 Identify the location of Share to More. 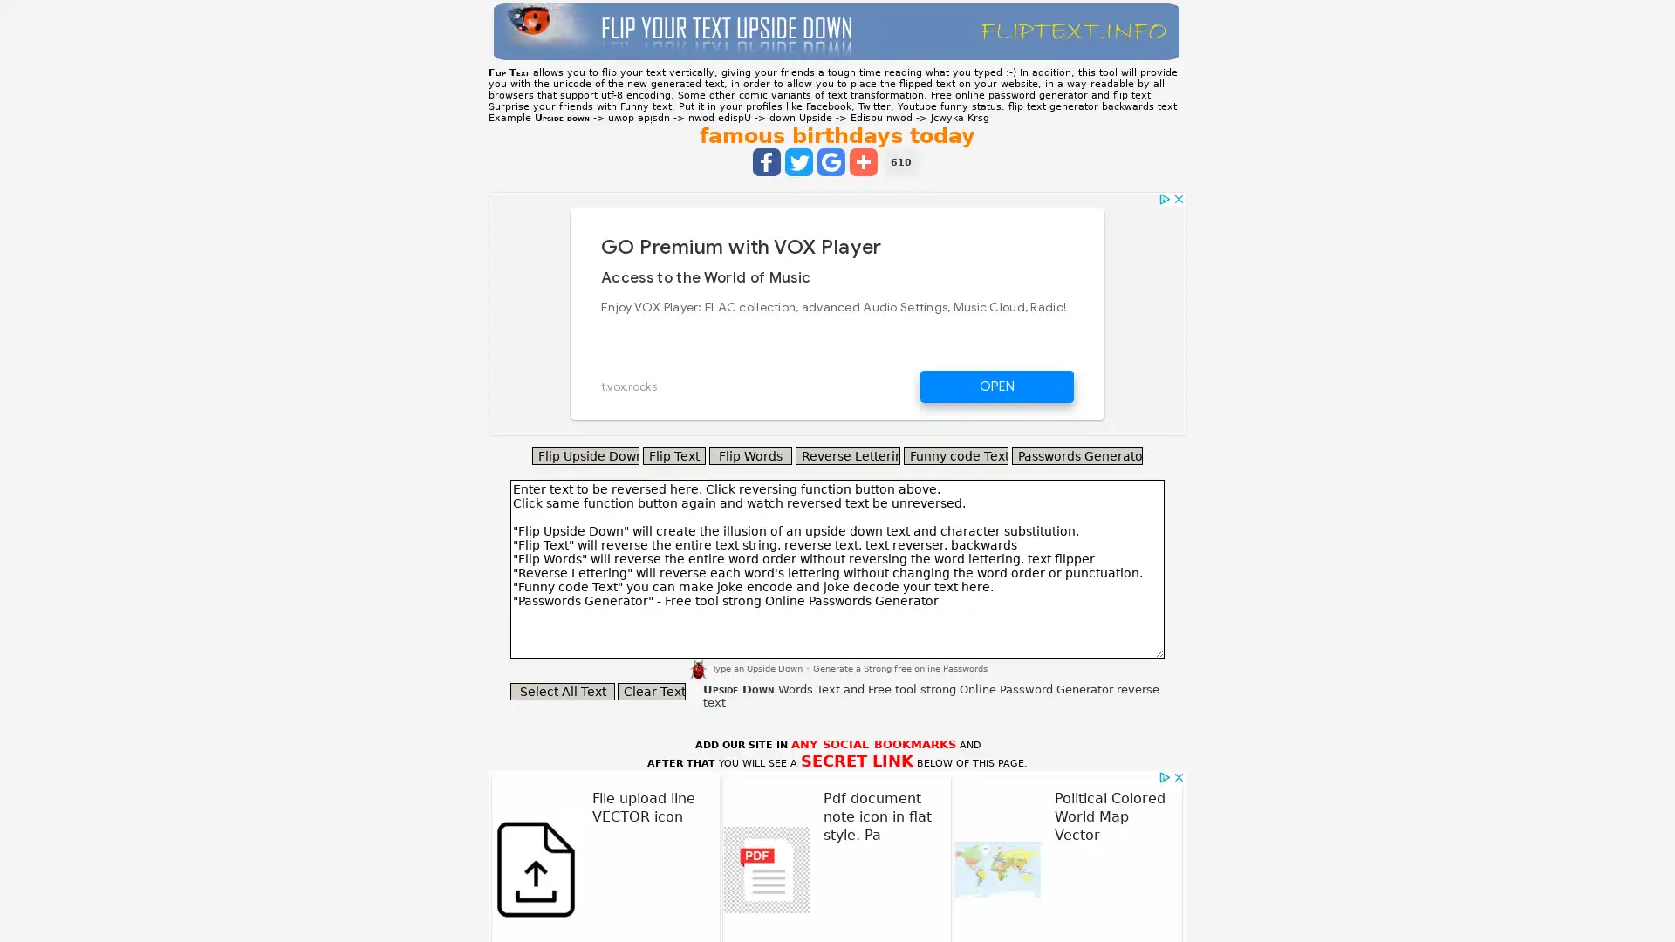
(863, 161).